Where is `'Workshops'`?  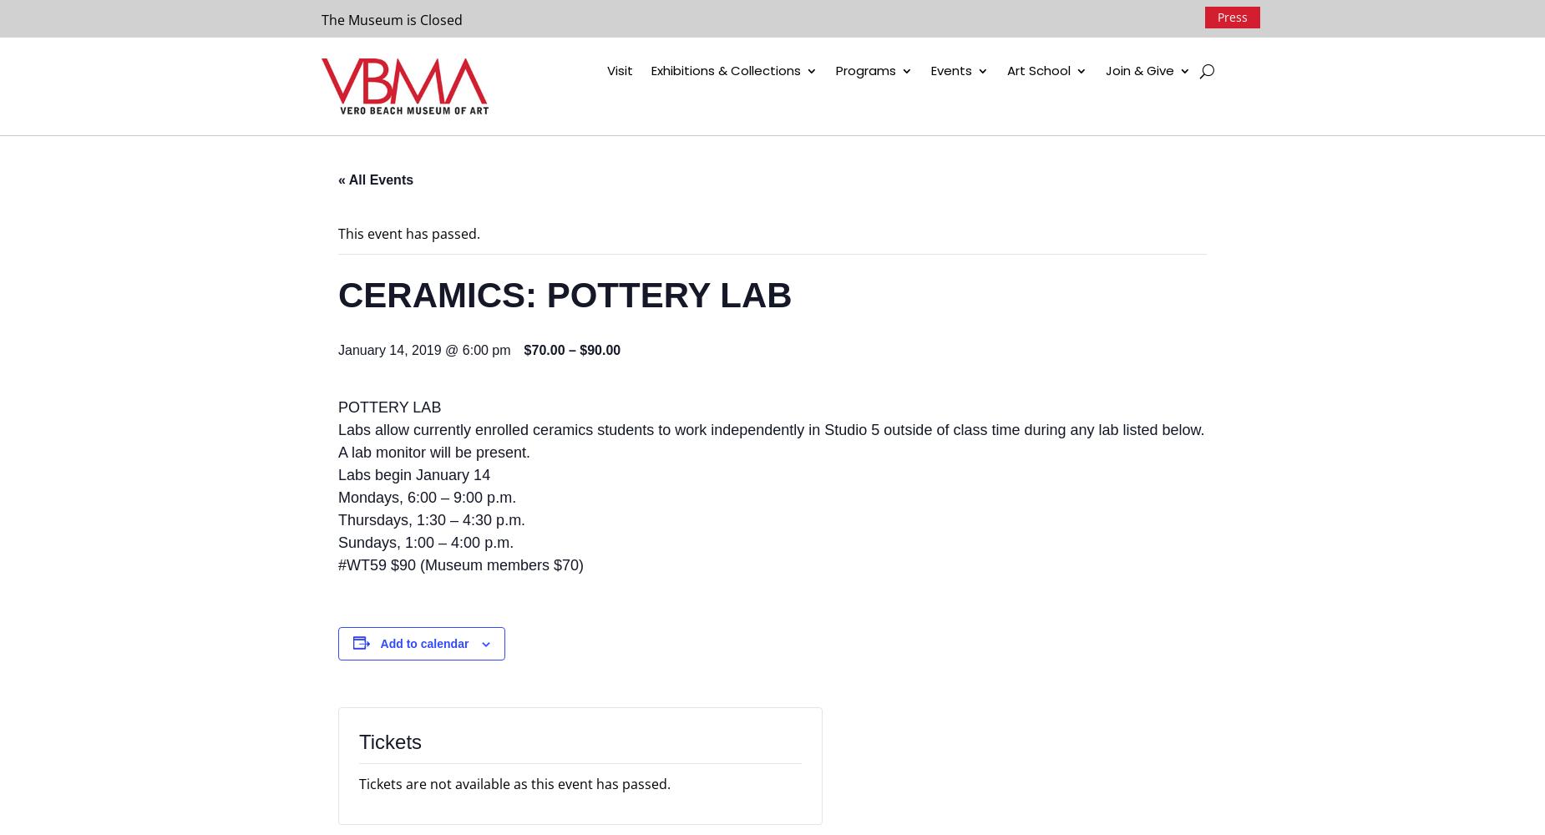
'Workshops' is located at coordinates (1072, 261).